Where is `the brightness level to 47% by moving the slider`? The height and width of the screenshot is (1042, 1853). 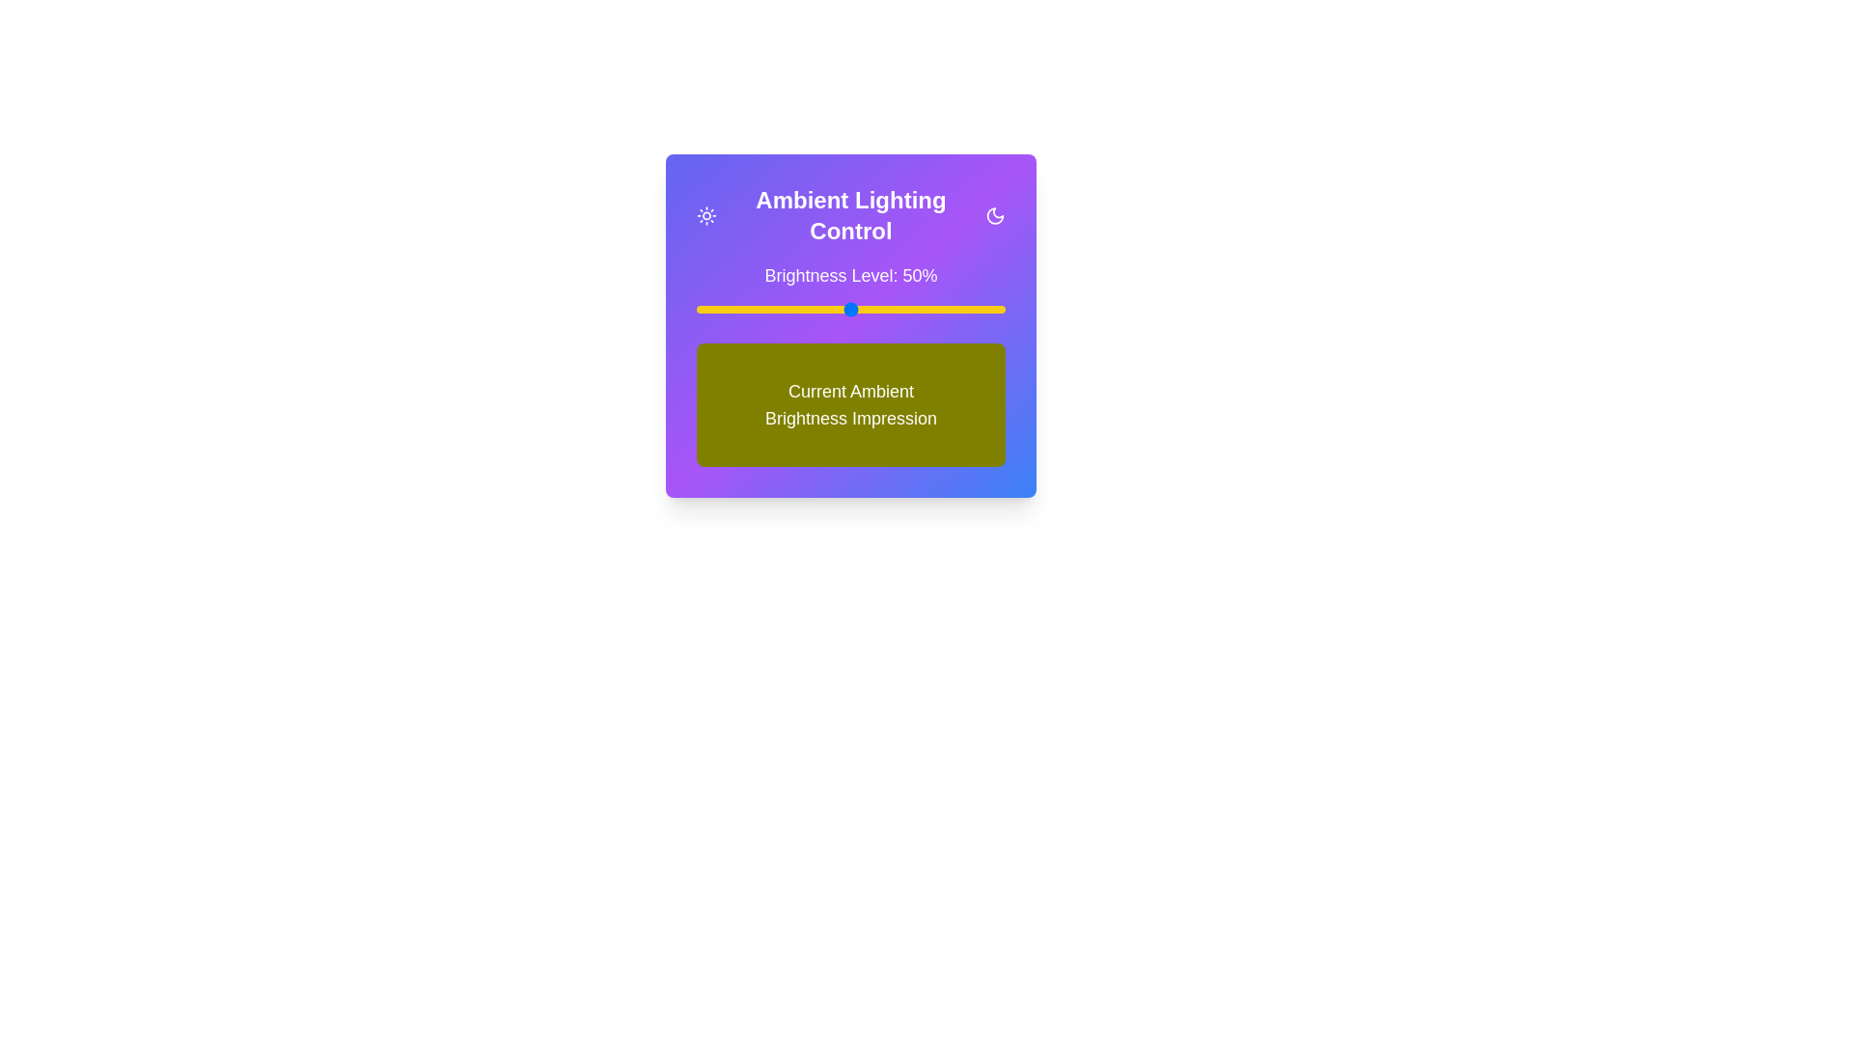
the brightness level to 47% by moving the slider is located at coordinates (842, 308).